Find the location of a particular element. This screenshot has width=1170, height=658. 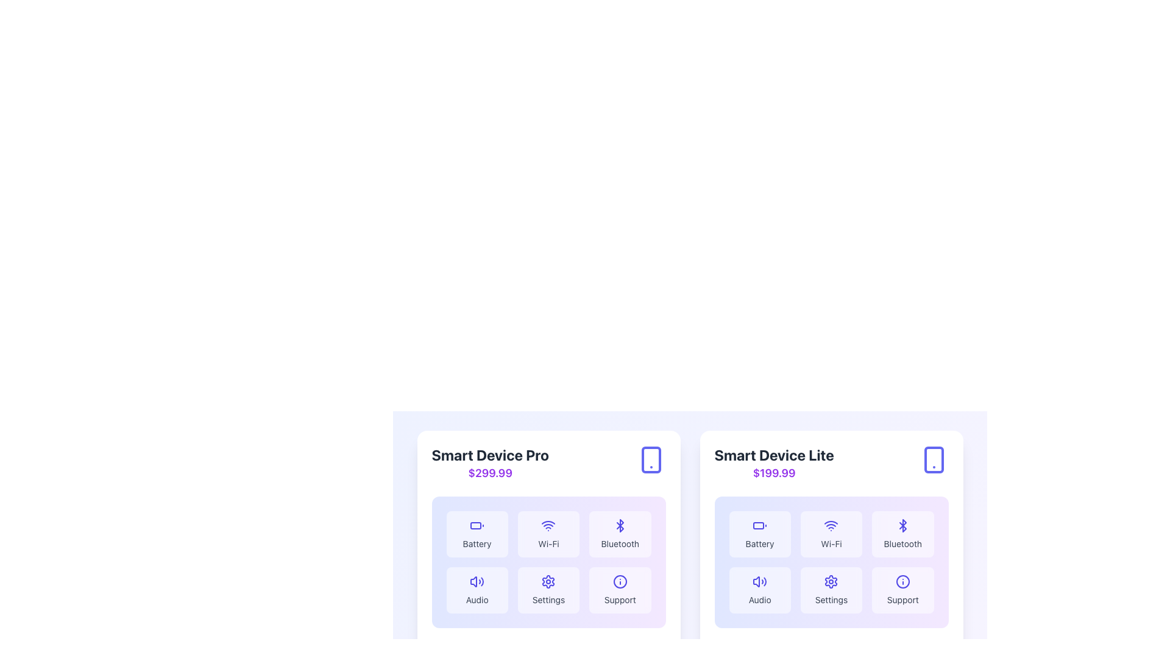

the 'Settings' button, which features a gear icon in blue and is located in the second column and second row of a 3x2 grid under the 'Smart Device Pro' section is located at coordinates (548, 589).